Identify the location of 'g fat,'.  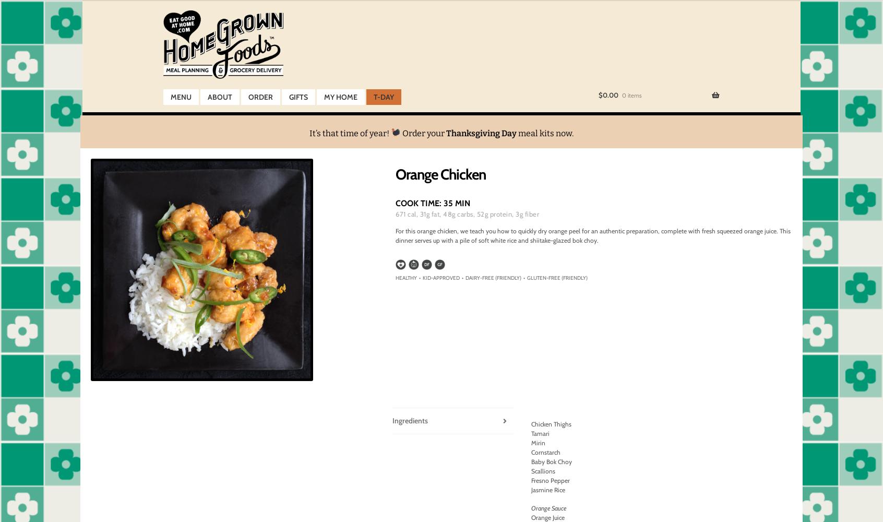
(426, 214).